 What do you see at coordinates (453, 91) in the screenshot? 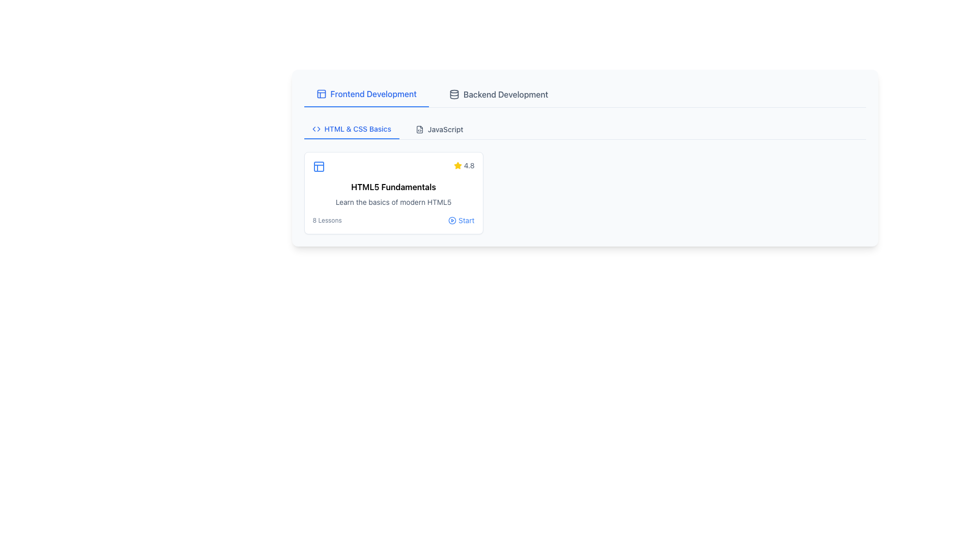
I see `the uppermost section of the SVG Ellipse that represents a database in the 'HTML5 Fundamentals' card` at bounding box center [453, 91].